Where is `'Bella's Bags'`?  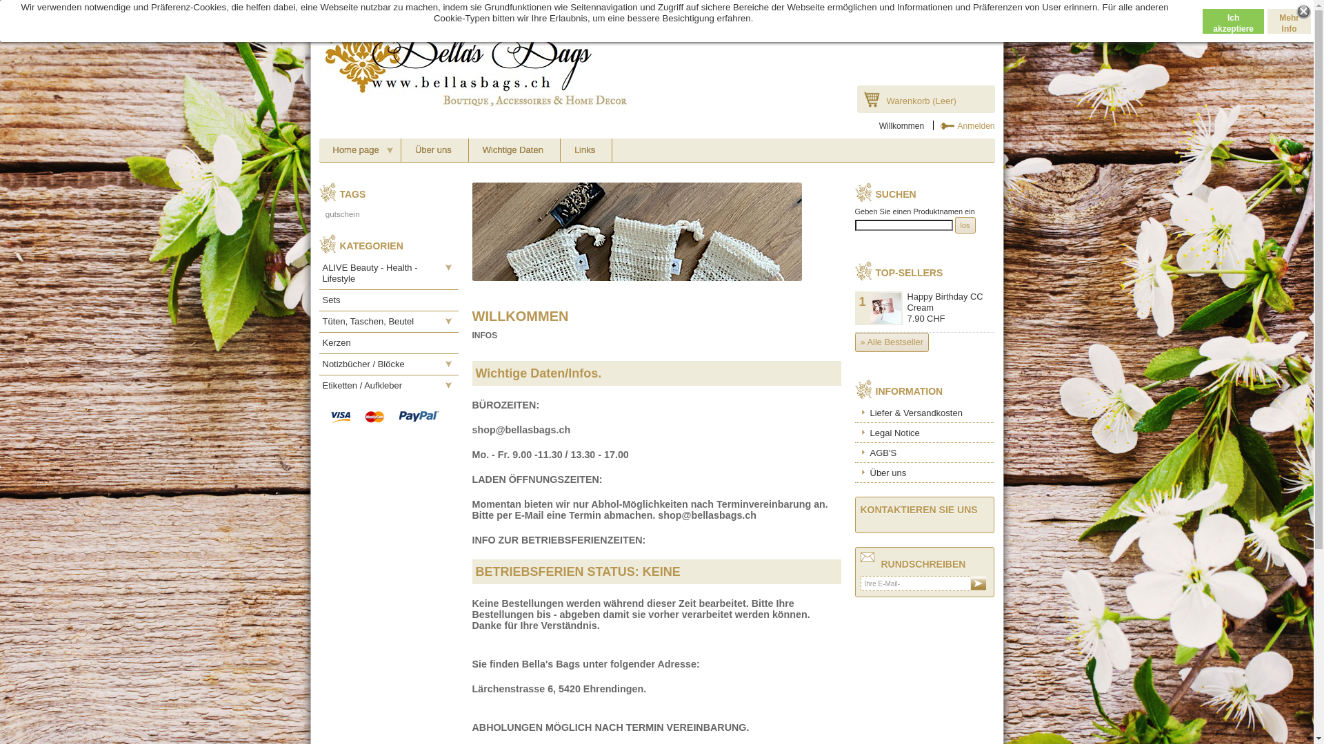
'Bella's Bags' is located at coordinates (473, 59).